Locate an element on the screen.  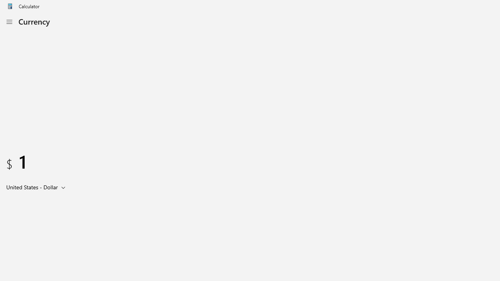
'Input unit' is located at coordinates (37, 187).